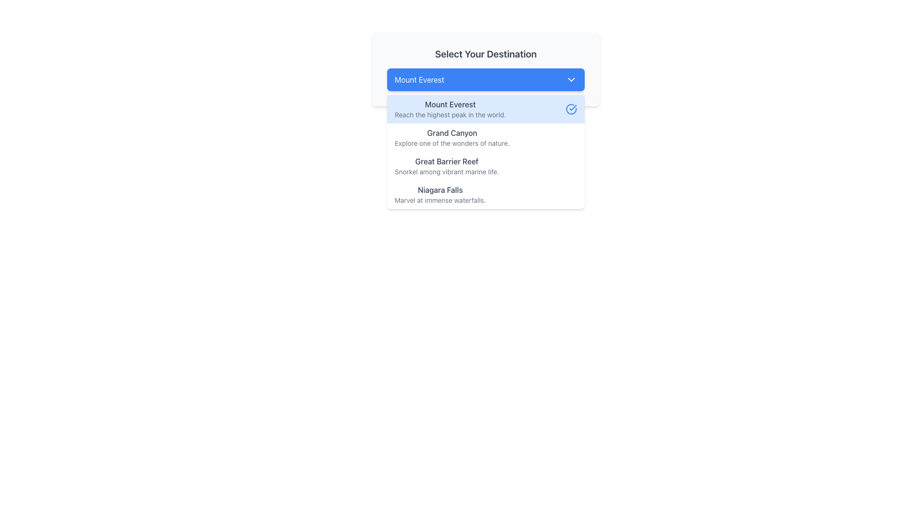 Image resolution: width=912 pixels, height=513 pixels. What do you see at coordinates (451, 137) in the screenshot?
I see `the second entry in the vertical dropdown list that represents the 'Grand Canyon' choice by clicking on it` at bounding box center [451, 137].